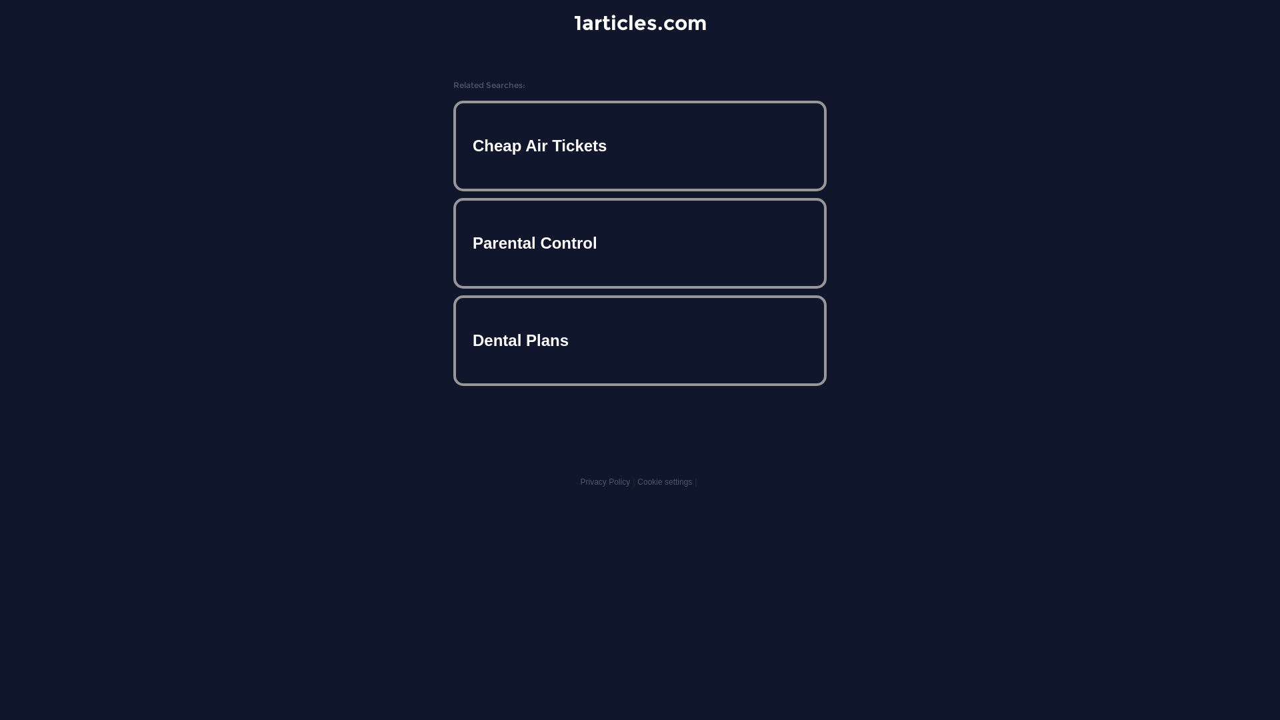  I want to click on 'Privacy Policy', so click(604, 481).